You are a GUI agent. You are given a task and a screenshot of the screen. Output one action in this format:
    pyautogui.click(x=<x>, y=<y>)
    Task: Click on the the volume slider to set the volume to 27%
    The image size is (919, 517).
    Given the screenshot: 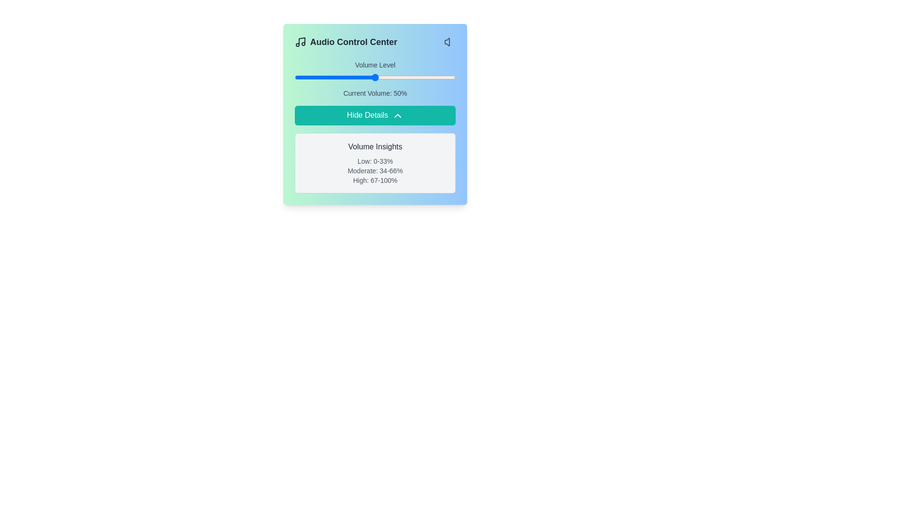 What is the action you would take?
    pyautogui.click(x=338, y=77)
    